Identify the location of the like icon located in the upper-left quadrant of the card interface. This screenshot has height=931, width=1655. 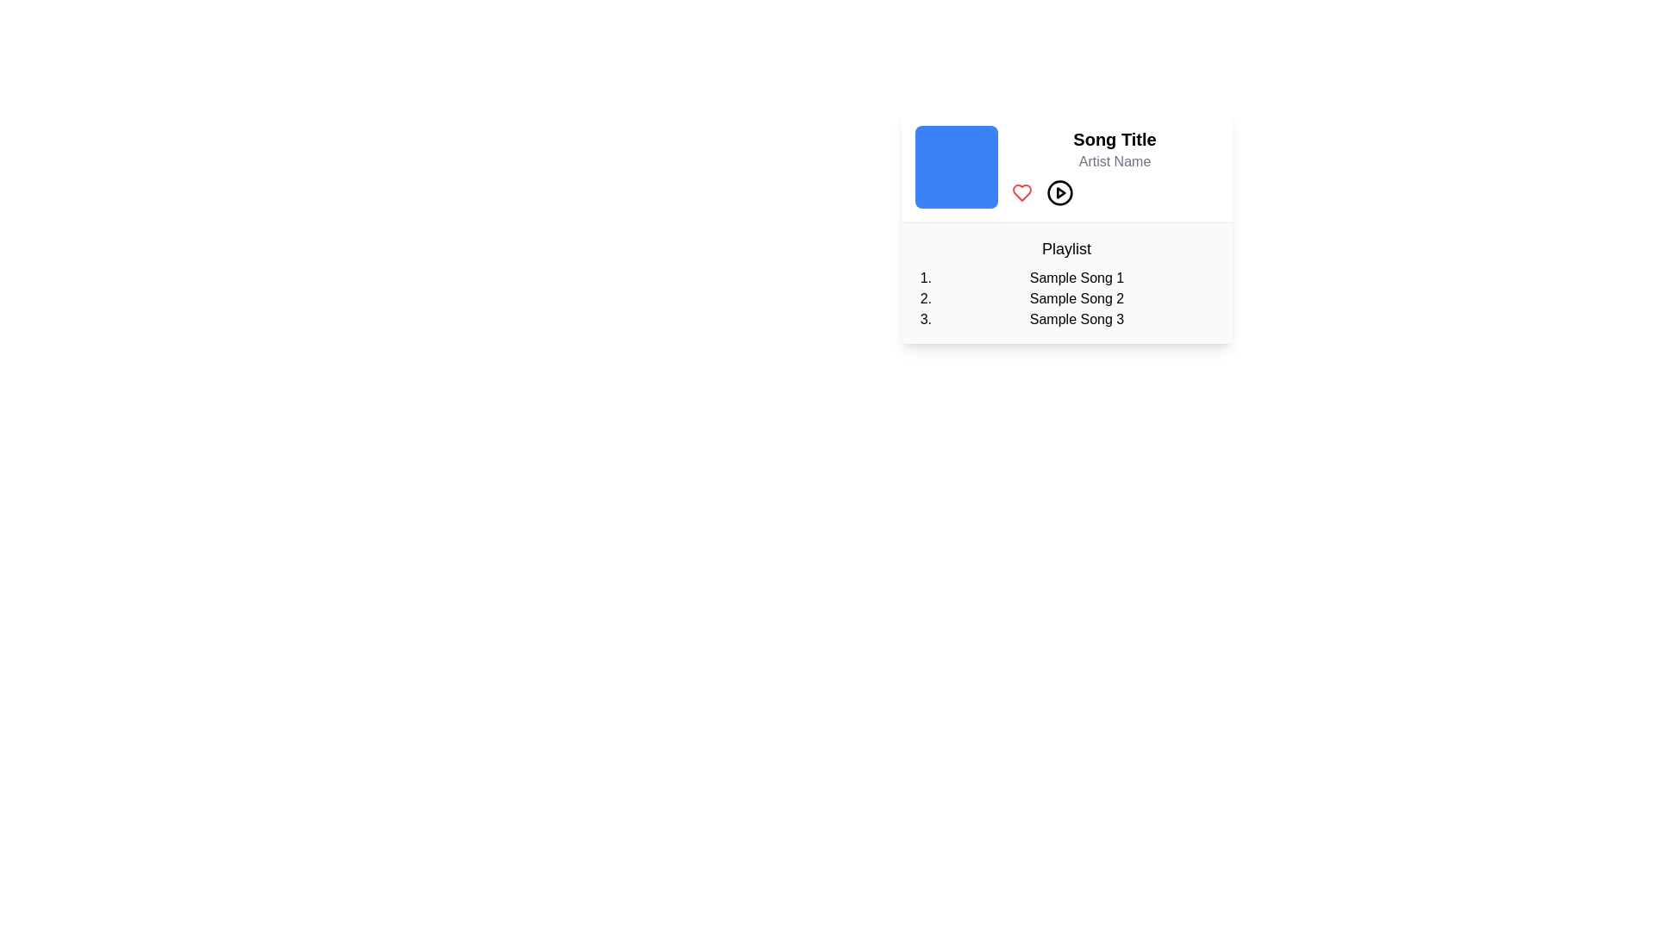
(1021, 192).